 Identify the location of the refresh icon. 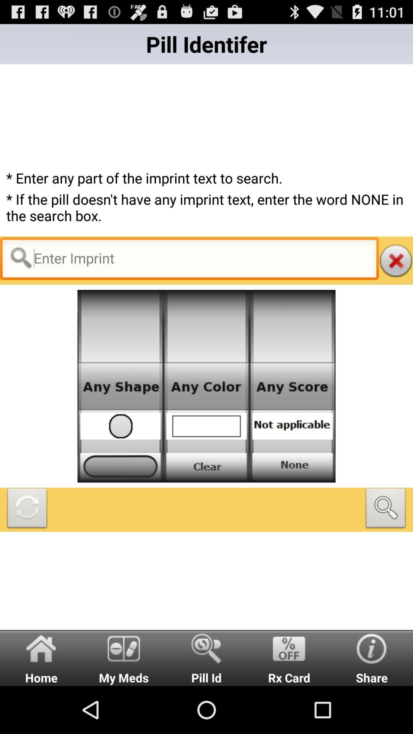
(27, 545).